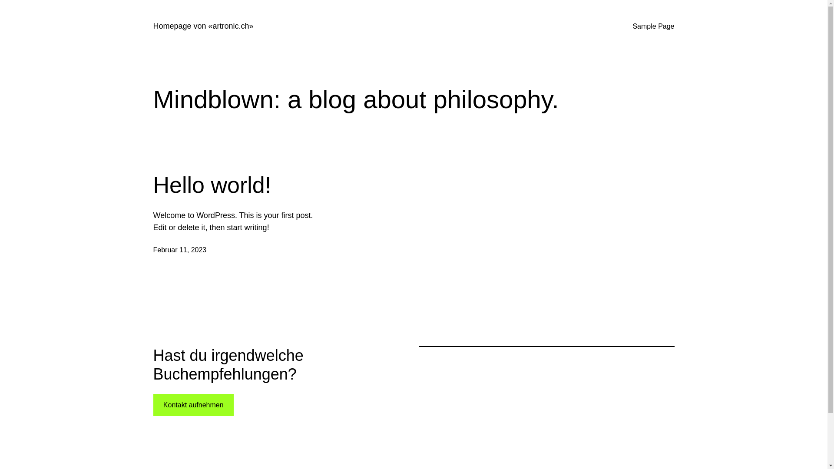  I want to click on 'Sample Page', so click(632, 26).